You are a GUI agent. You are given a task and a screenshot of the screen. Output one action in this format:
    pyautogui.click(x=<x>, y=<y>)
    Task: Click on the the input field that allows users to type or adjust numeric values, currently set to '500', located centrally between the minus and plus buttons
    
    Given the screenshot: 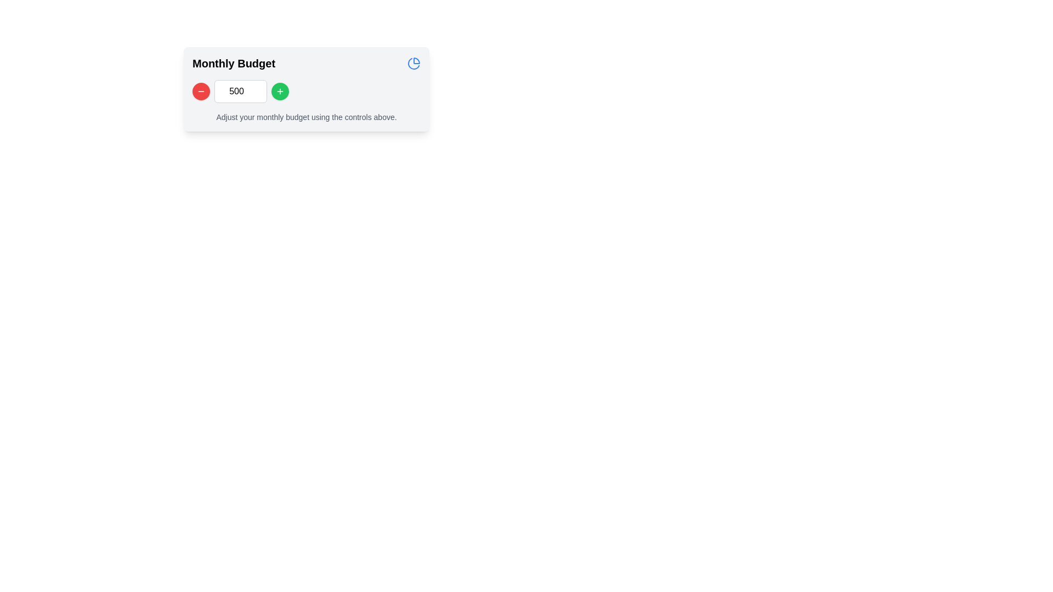 What is the action you would take?
    pyautogui.click(x=240, y=90)
    